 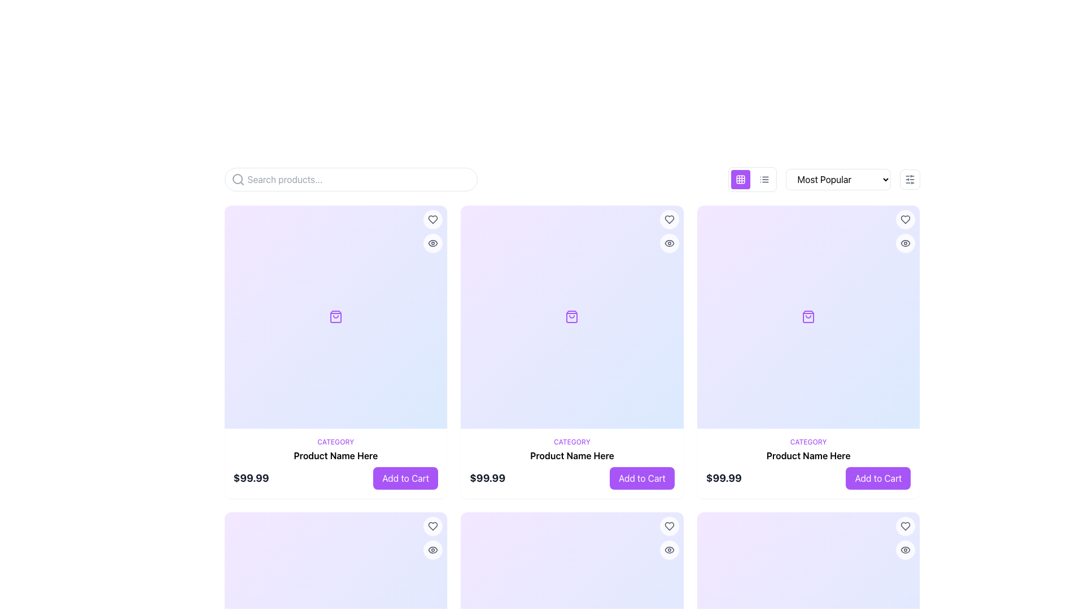 What do you see at coordinates (432, 220) in the screenshot?
I see `the heart icon in the top-right corner of the product card to mark the item as favorite` at bounding box center [432, 220].